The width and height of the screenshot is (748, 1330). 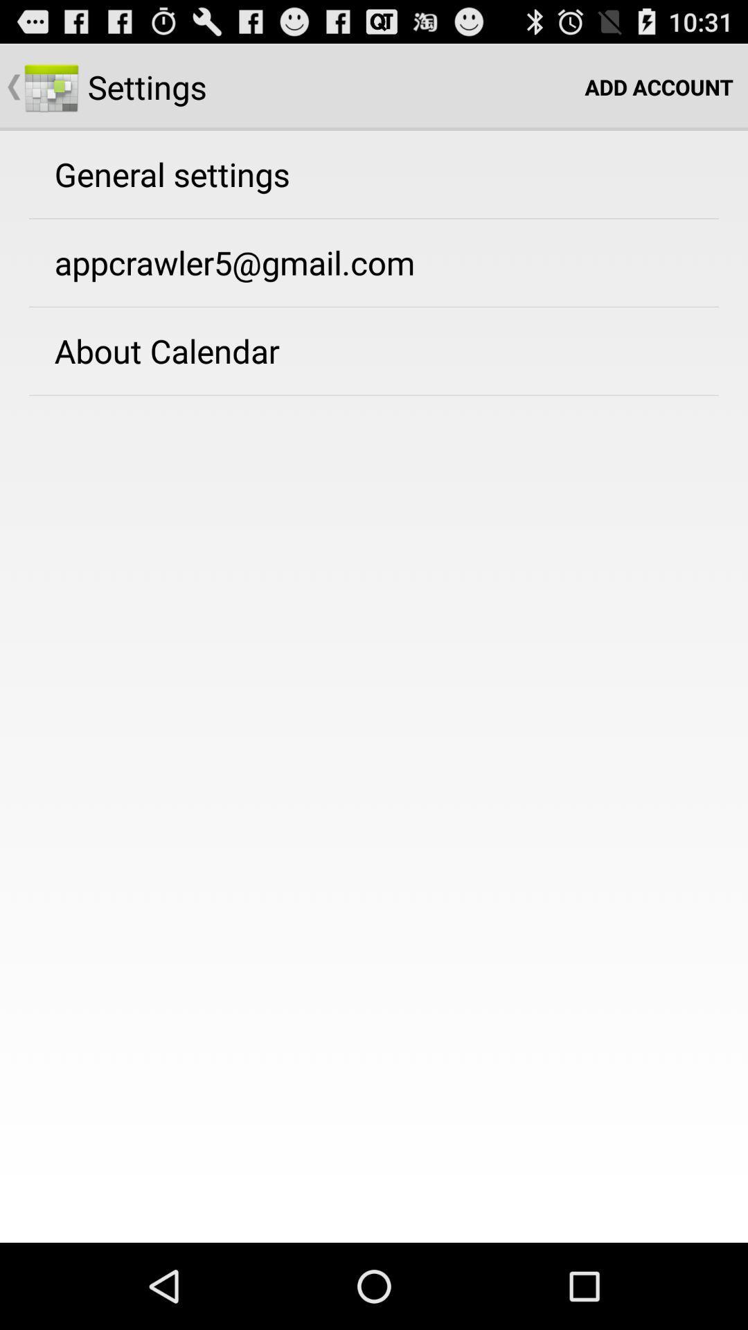 What do you see at coordinates (171, 173) in the screenshot?
I see `the general settings app` at bounding box center [171, 173].